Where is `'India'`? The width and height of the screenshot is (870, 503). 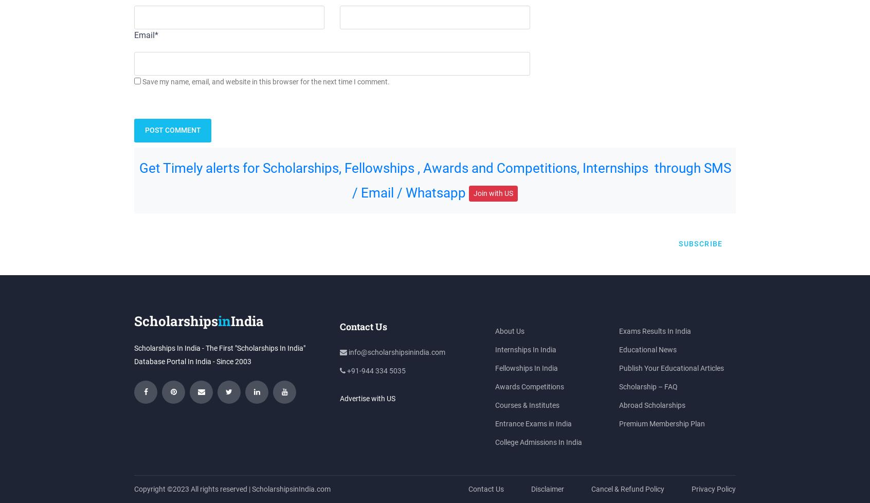 'India' is located at coordinates (247, 320).